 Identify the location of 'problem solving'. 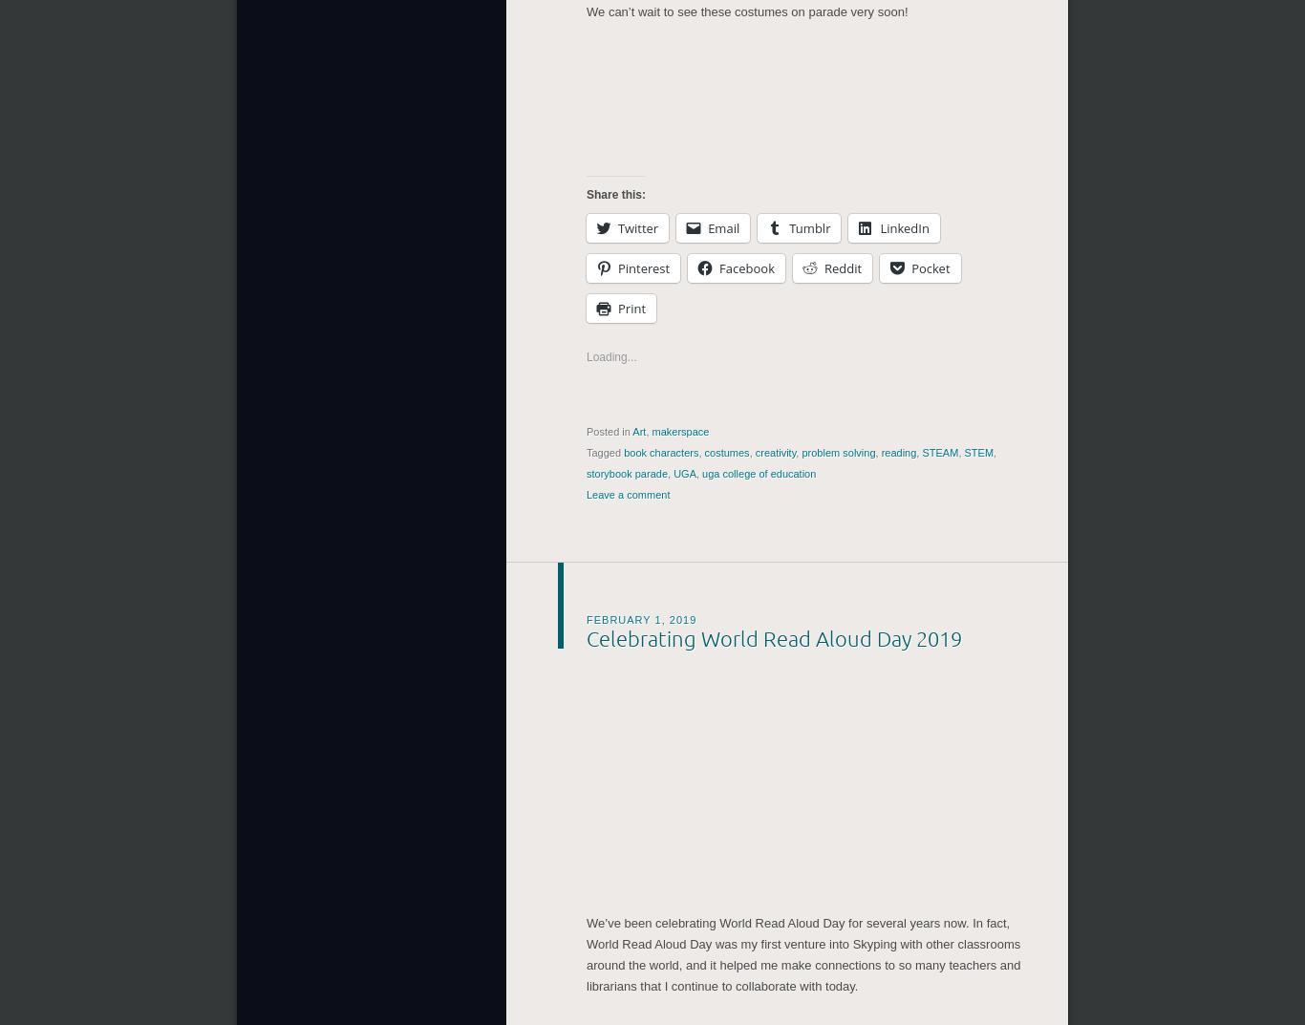
(837, 448).